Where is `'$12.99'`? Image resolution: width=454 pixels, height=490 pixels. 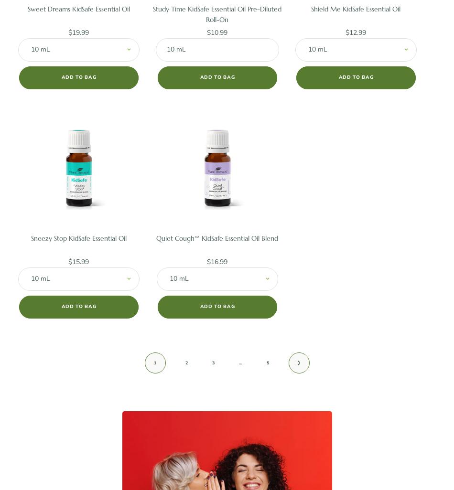
'$12.99' is located at coordinates (355, 32).